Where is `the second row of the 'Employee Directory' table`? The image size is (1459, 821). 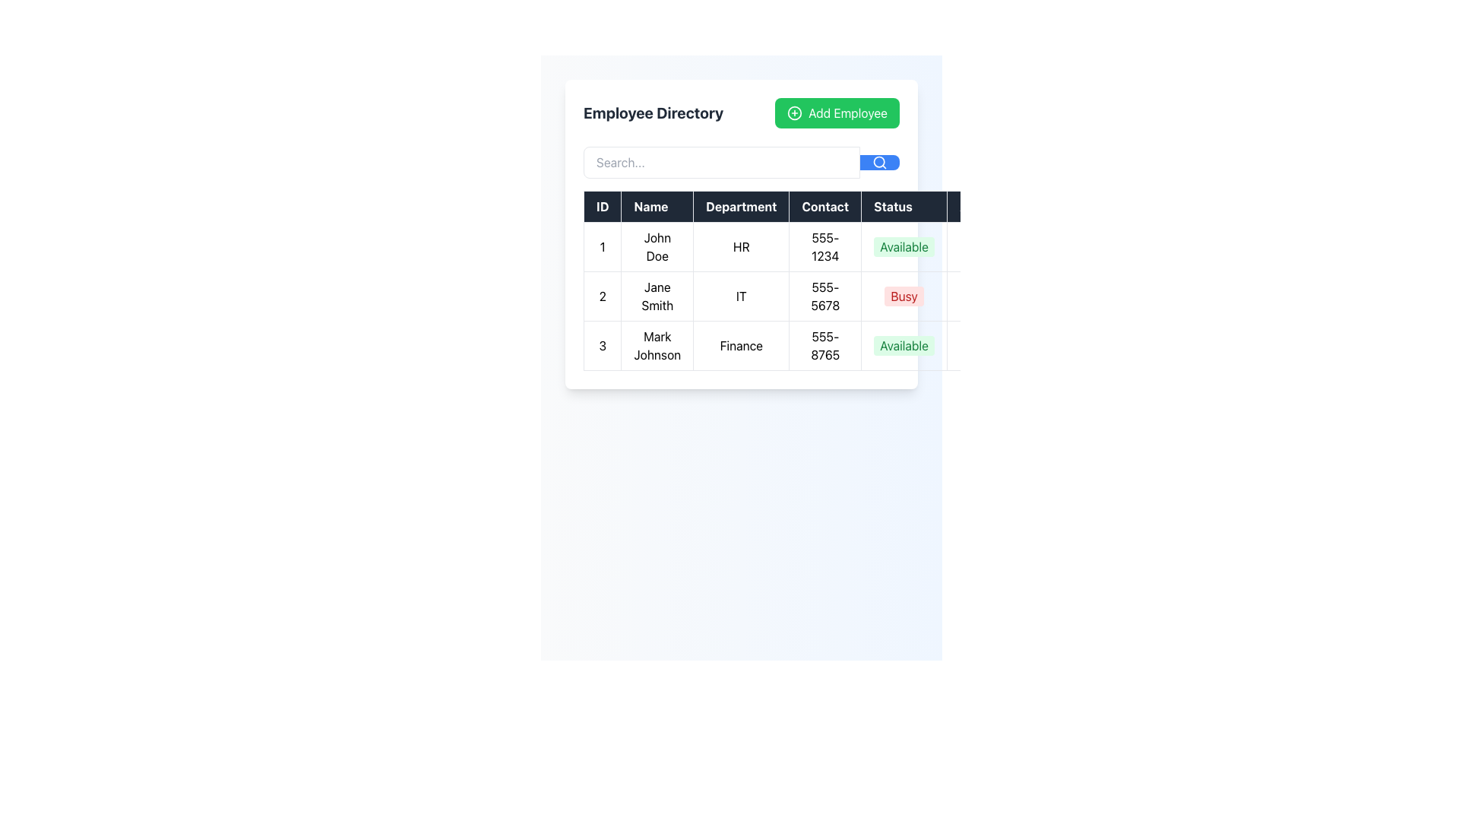 the second row of the 'Employee Directory' table is located at coordinates (799, 296).